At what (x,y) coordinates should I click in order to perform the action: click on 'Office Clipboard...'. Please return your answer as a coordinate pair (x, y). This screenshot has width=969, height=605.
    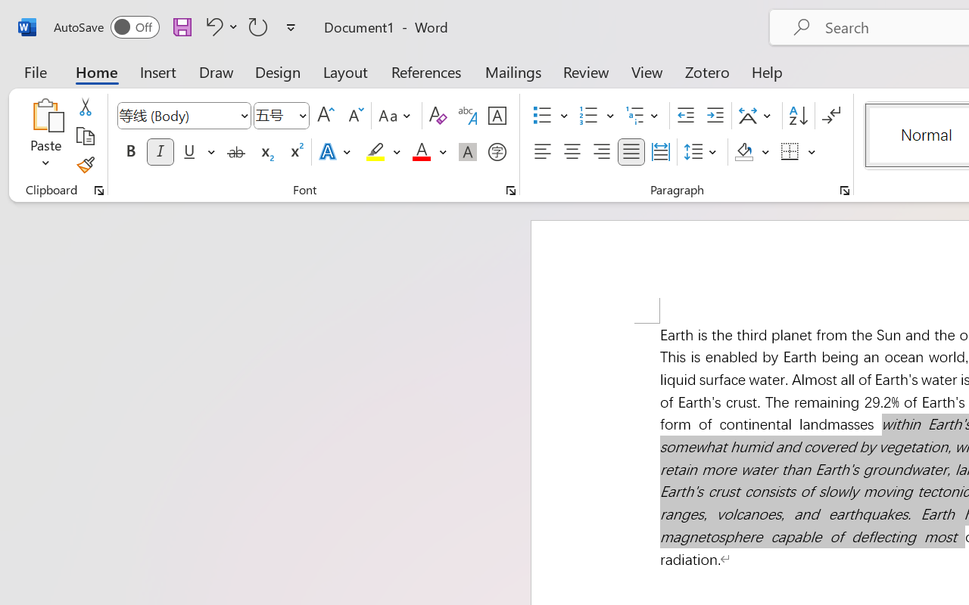
    Looking at the image, I should click on (98, 190).